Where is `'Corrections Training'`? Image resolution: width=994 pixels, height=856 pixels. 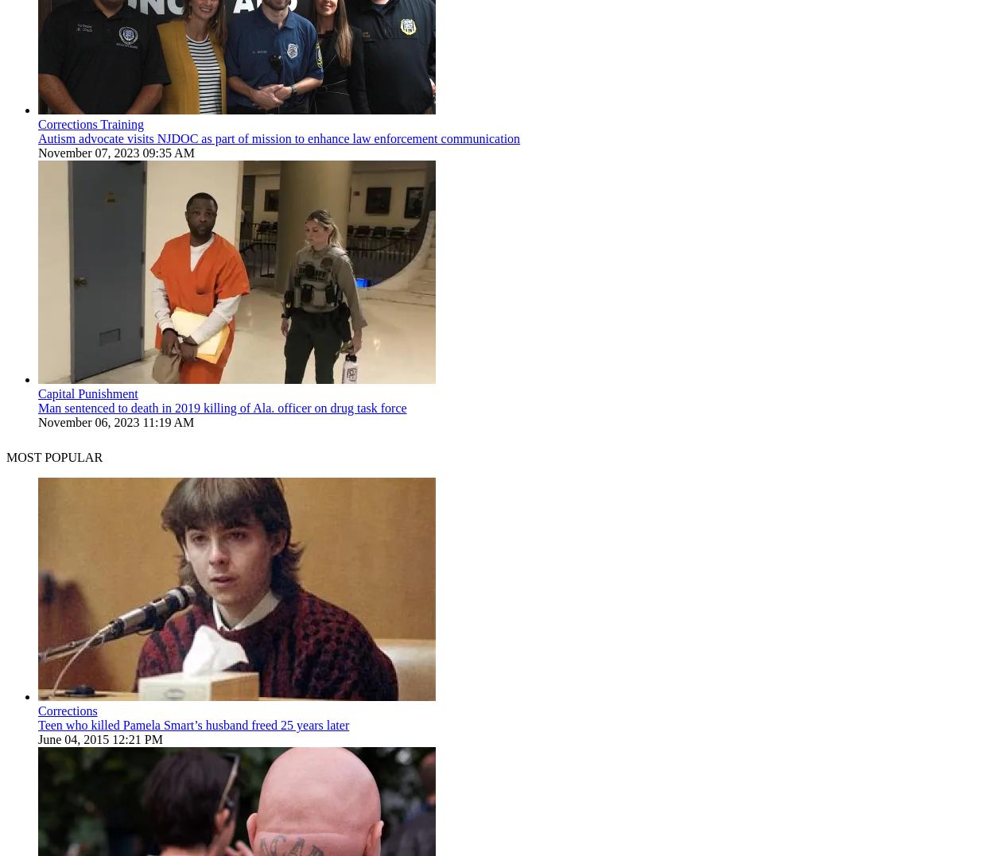
'Corrections Training' is located at coordinates (90, 124).